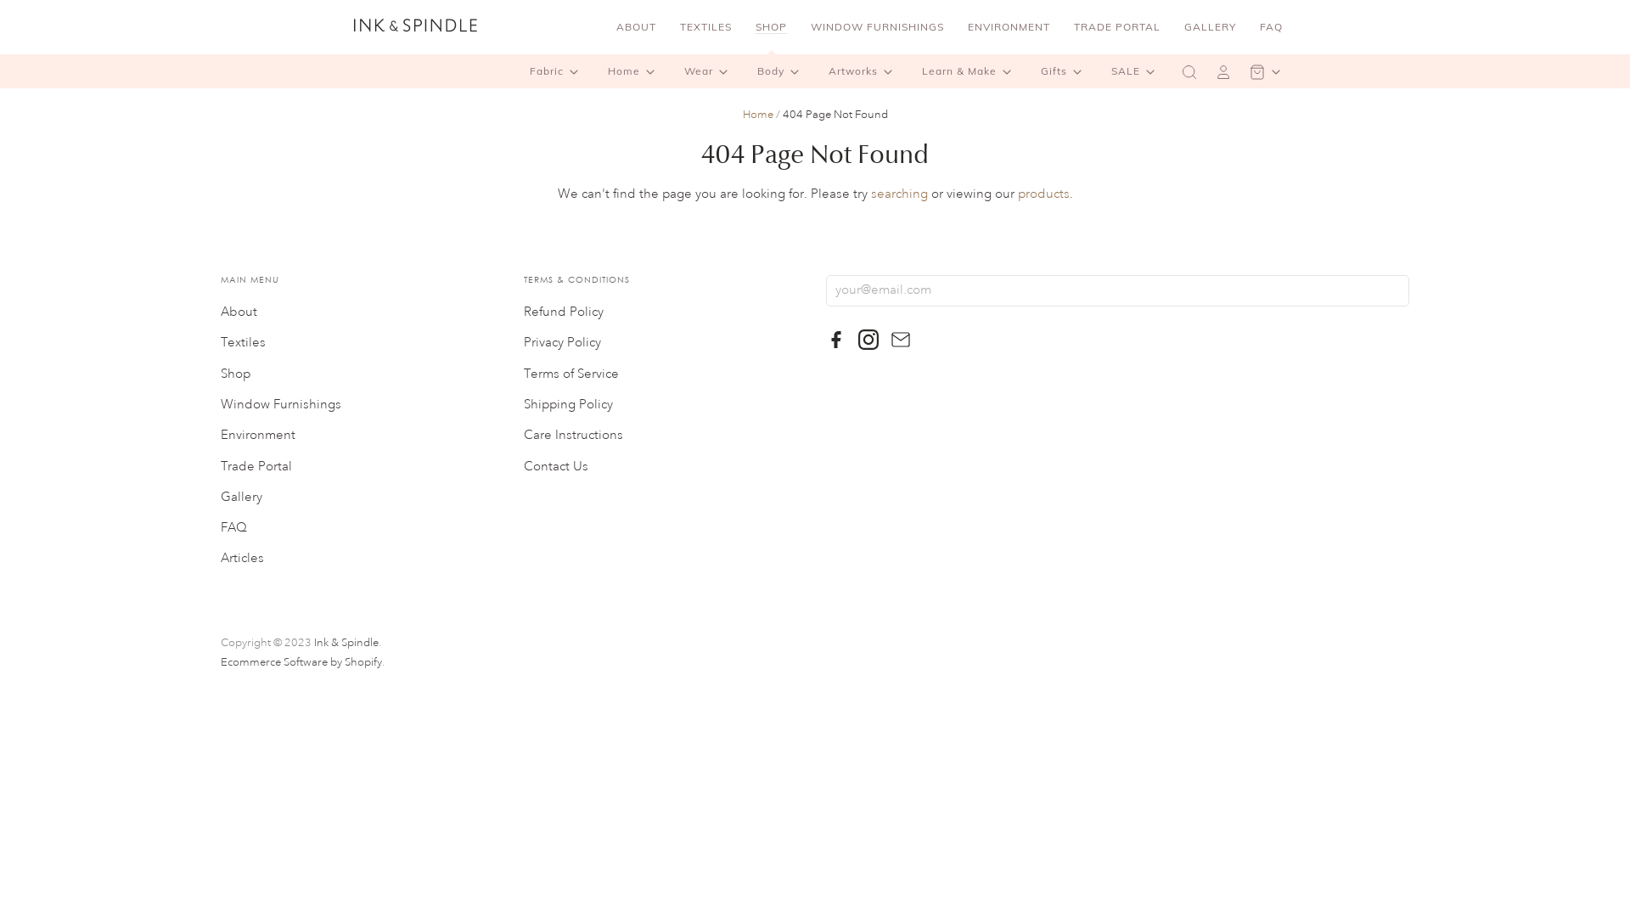 This screenshot has height=917, width=1630. I want to click on 'GALLERY', so click(1209, 26).